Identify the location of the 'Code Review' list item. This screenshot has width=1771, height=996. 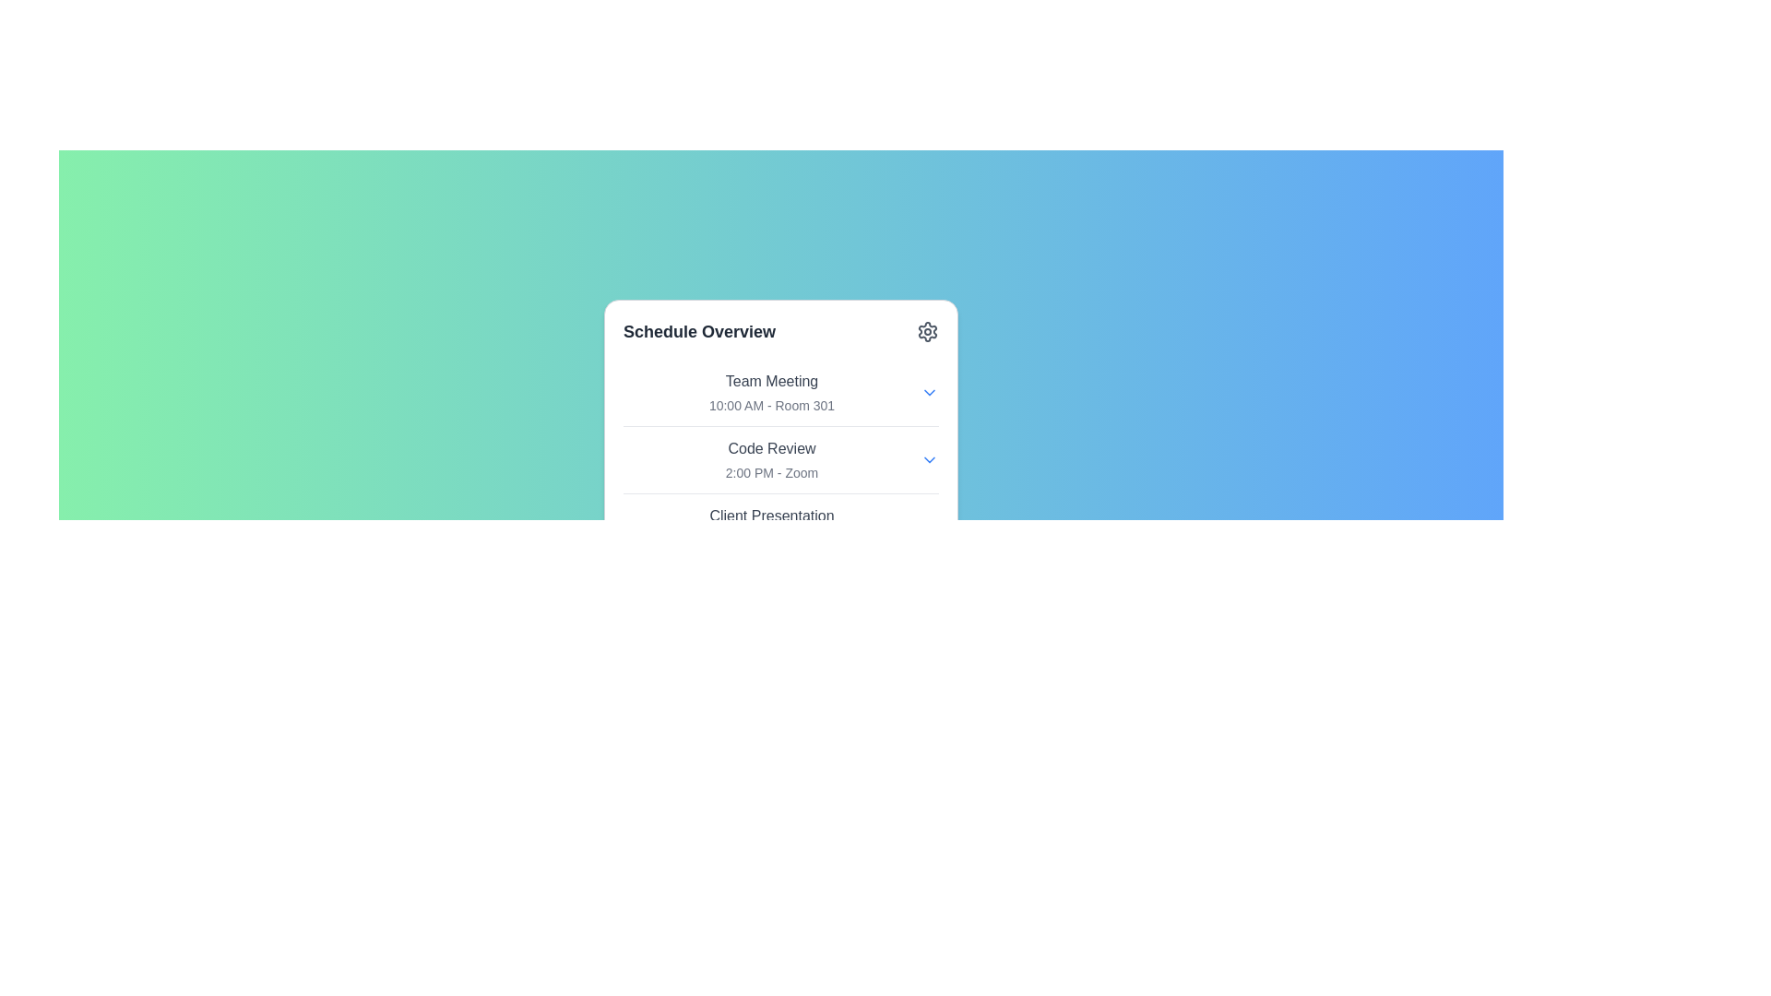
(780, 457).